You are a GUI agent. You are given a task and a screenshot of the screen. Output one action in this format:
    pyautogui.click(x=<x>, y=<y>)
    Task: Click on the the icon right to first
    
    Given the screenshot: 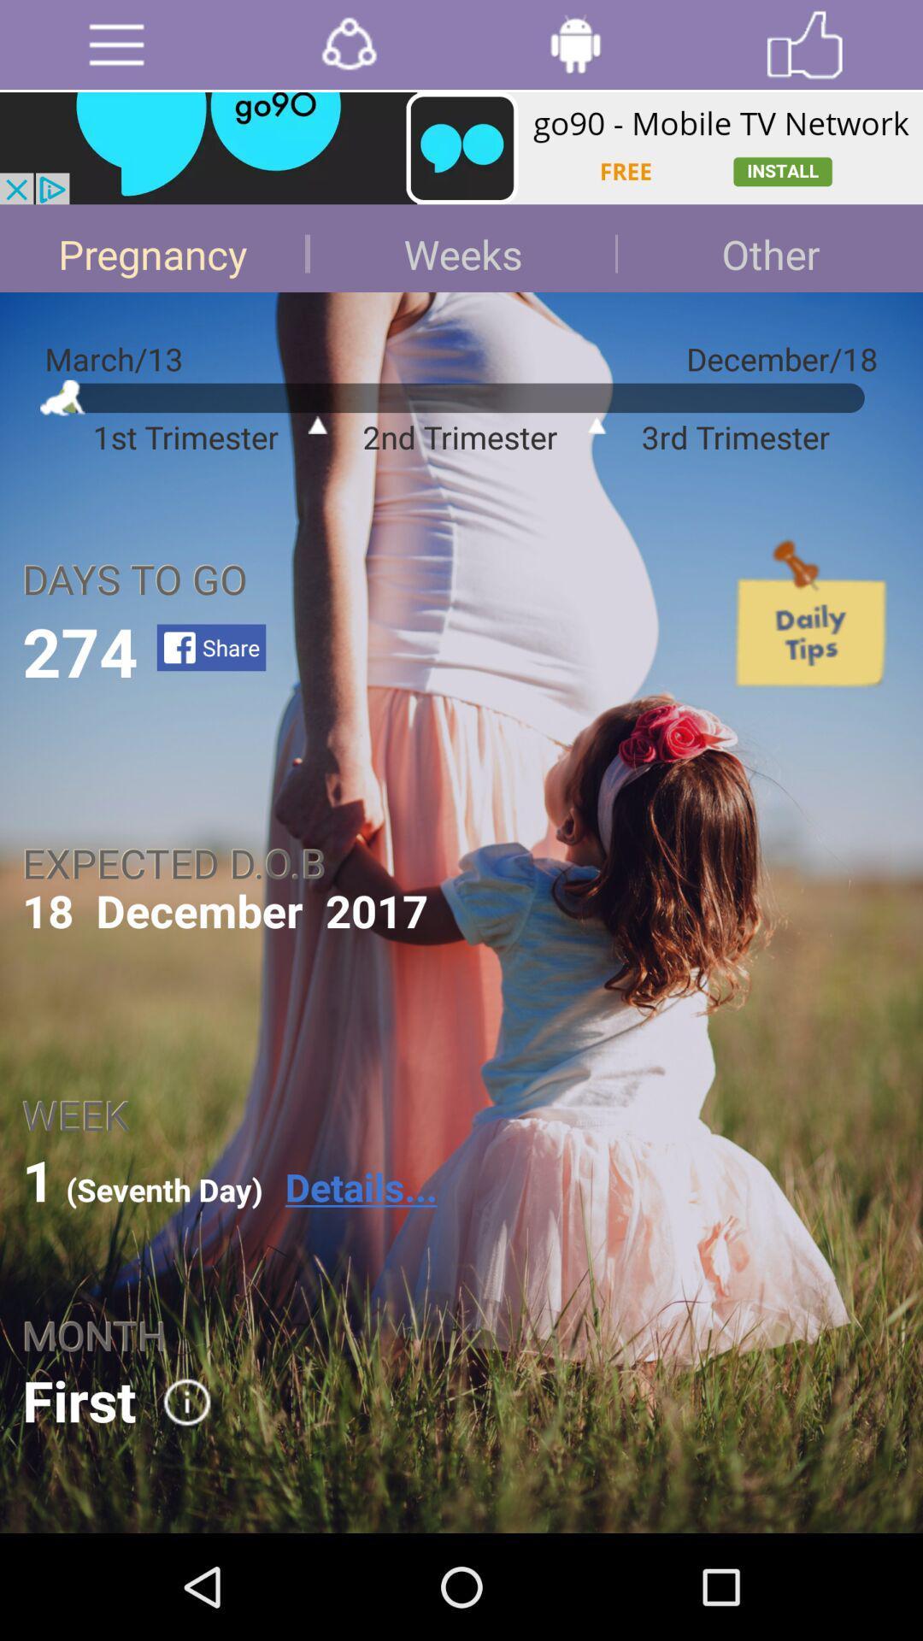 What is the action you would take?
    pyautogui.click(x=175, y=1403)
    